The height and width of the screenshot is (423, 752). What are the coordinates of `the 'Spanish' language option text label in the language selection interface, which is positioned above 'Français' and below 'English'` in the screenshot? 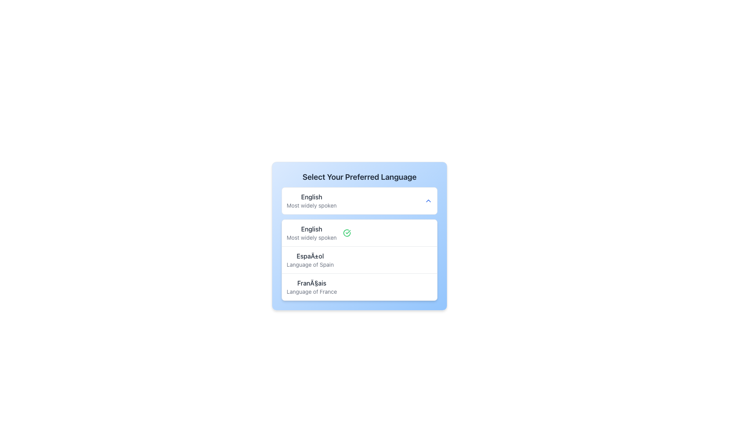 It's located at (310, 256).